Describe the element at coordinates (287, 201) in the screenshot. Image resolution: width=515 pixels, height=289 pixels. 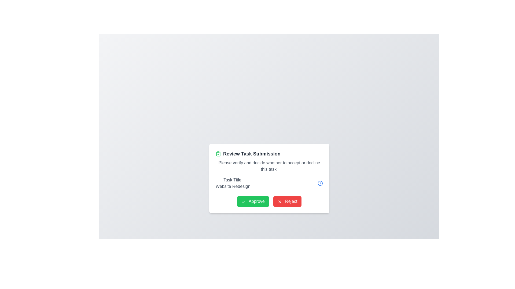
I see `the 'Reject' button, which has a red background and white text reading 'Reject', located near the bottom of the modal window, second from the left` at that location.